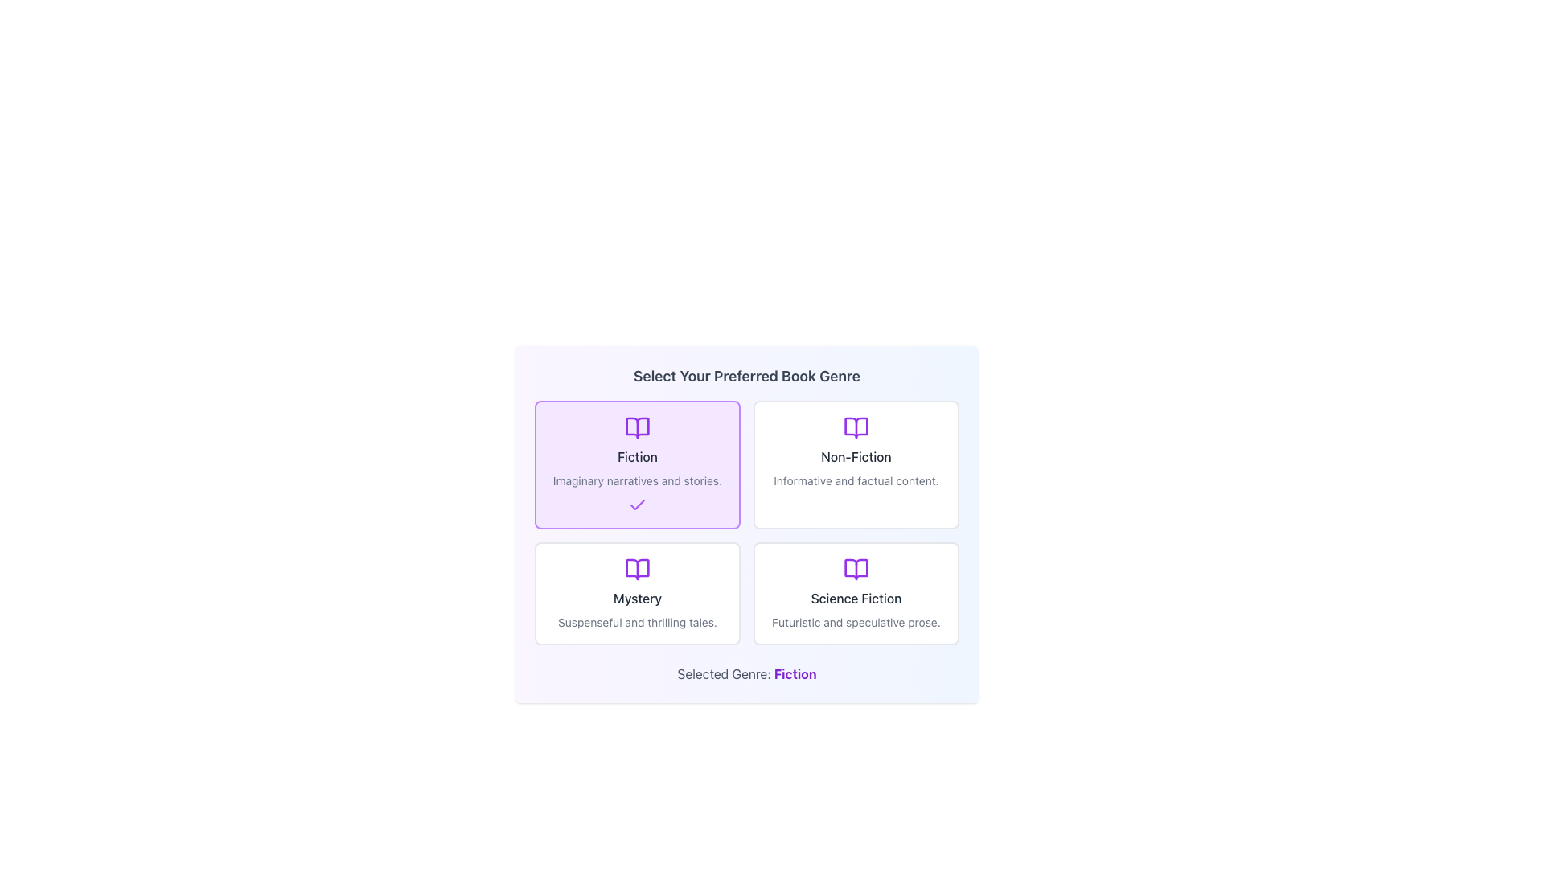 The height and width of the screenshot is (869, 1544). I want to click on descriptive label located below the 'Fiction' text on the purple-bordered card in the top-left corner of the grid, so click(636, 480).